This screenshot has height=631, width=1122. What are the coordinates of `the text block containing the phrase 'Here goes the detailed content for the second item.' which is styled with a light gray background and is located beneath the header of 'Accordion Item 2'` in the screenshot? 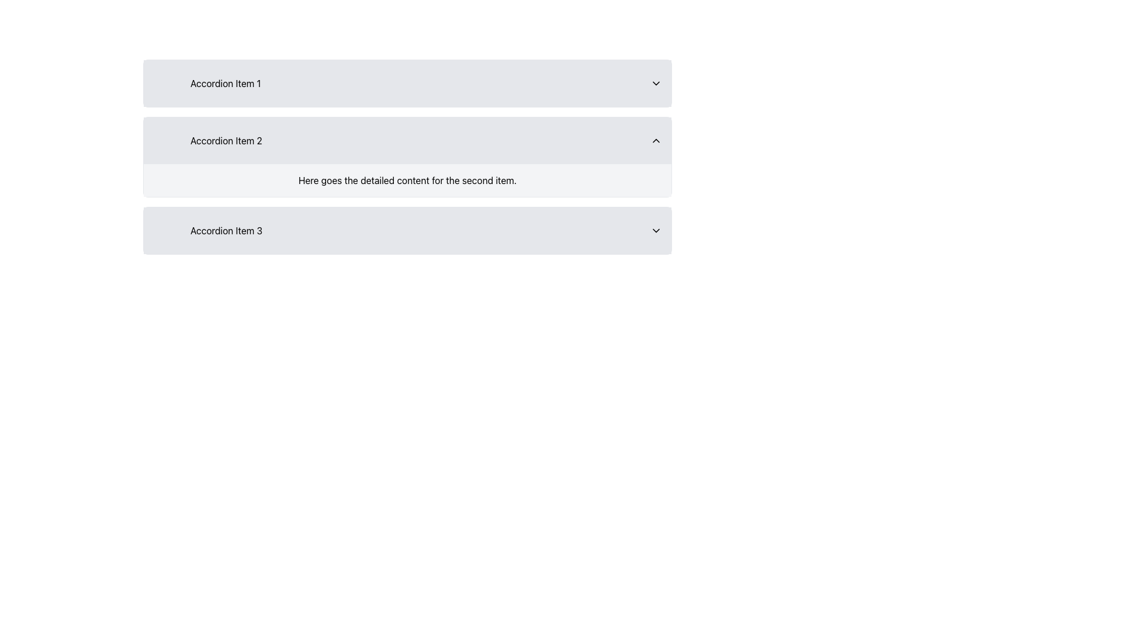 It's located at (407, 180).